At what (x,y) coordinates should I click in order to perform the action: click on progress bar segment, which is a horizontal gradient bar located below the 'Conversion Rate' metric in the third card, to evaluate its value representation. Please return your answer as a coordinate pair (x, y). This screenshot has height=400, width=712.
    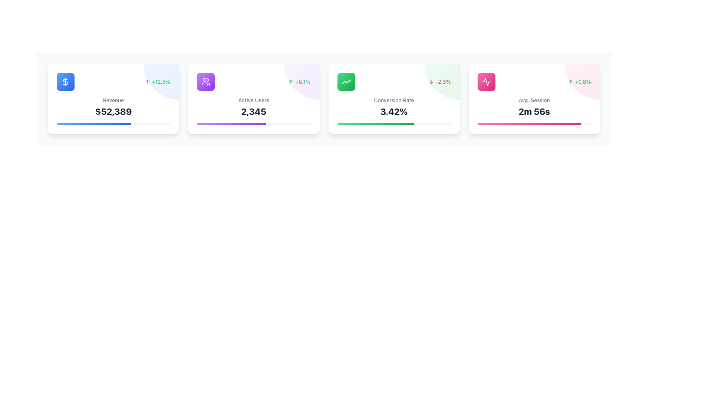
    Looking at the image, I should click on (375, 124).